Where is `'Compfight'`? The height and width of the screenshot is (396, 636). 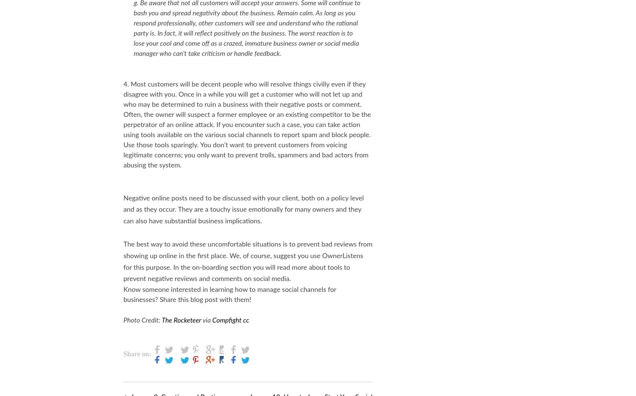
'Compfight' is located at coordinates (226, 320).